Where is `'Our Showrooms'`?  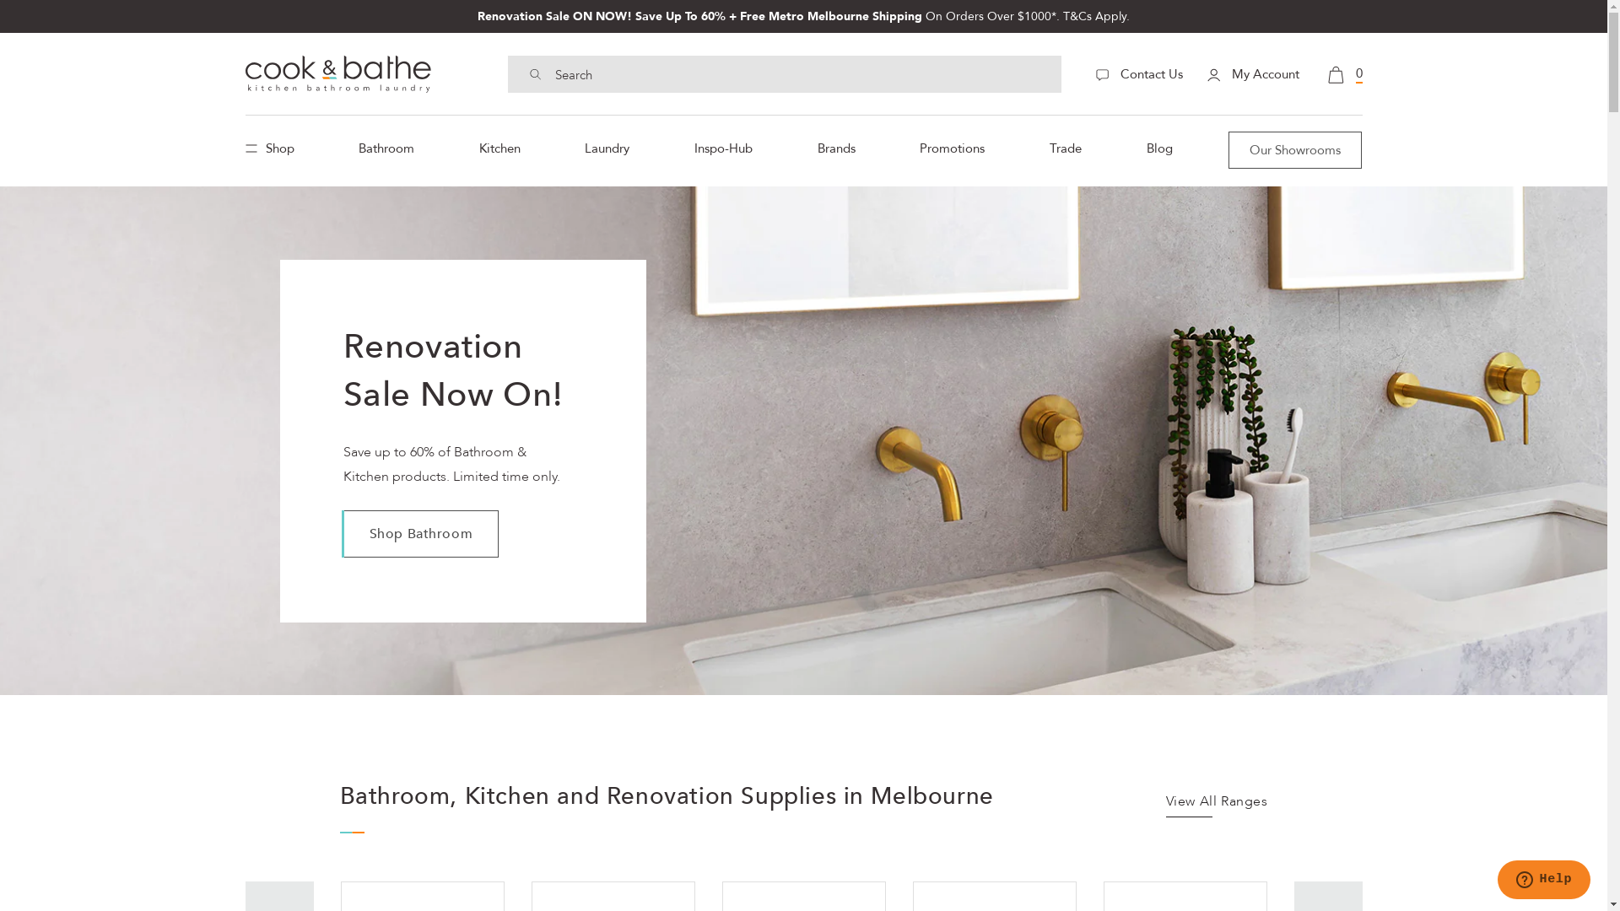 'Our Showrooms' is located at coordinates (1294, 148).